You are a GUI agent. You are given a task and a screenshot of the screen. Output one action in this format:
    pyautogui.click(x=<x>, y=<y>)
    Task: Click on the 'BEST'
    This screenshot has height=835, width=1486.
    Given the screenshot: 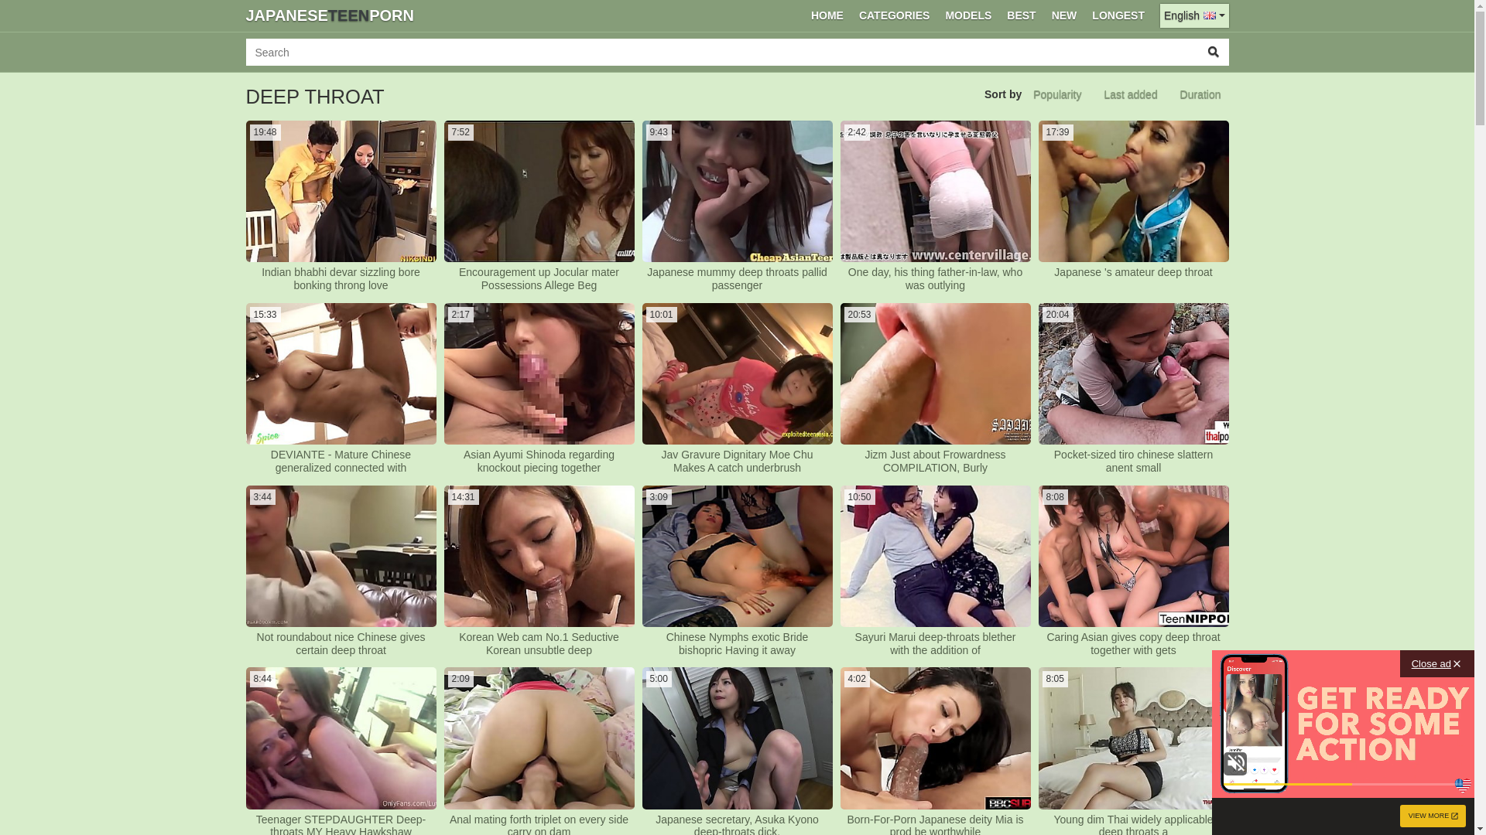 What is the action you would take?
    pyautogui.click(x=1021, y=15)
    